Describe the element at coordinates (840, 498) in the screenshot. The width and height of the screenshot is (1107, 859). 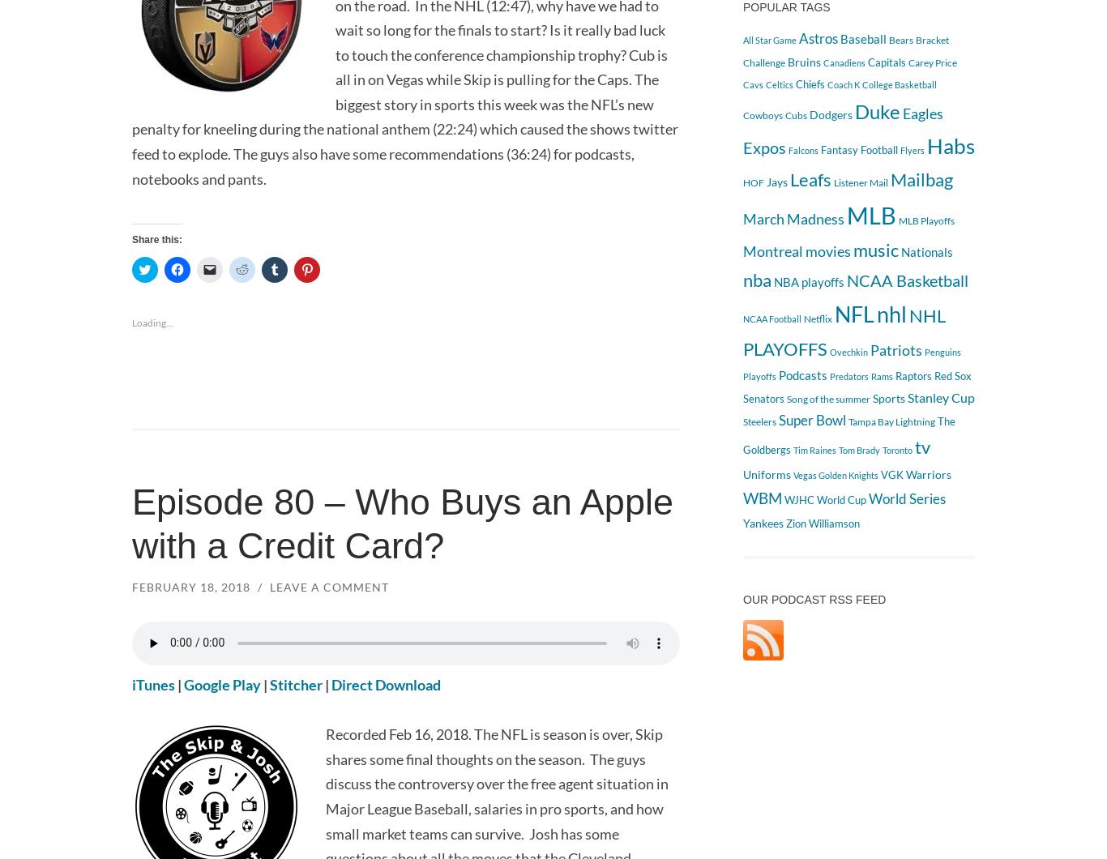
I see `'World Cup'` at that location.